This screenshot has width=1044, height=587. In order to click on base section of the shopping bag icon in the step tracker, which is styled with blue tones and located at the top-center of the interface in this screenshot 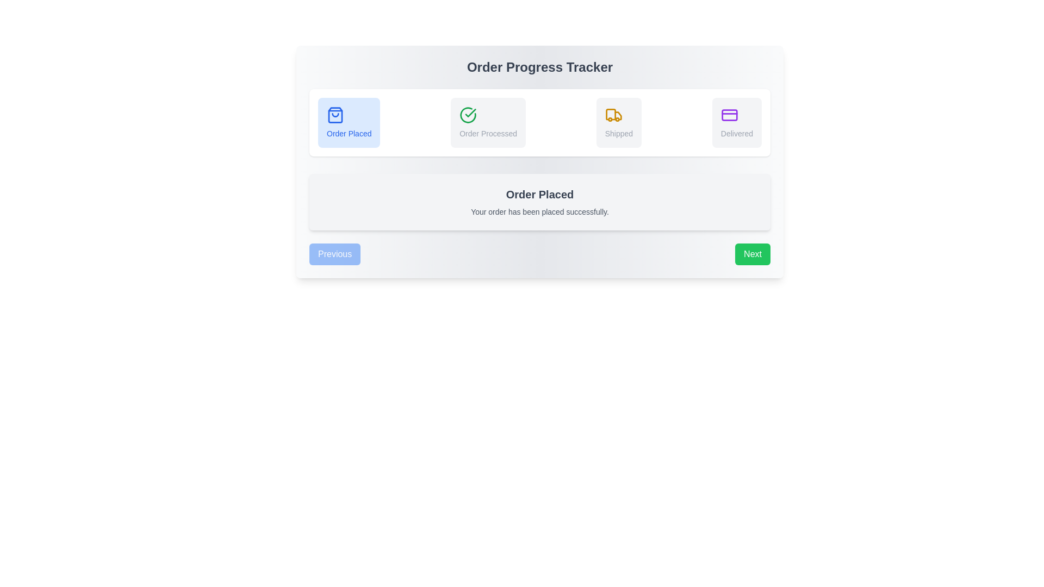, I will do `click(335, 115)`.